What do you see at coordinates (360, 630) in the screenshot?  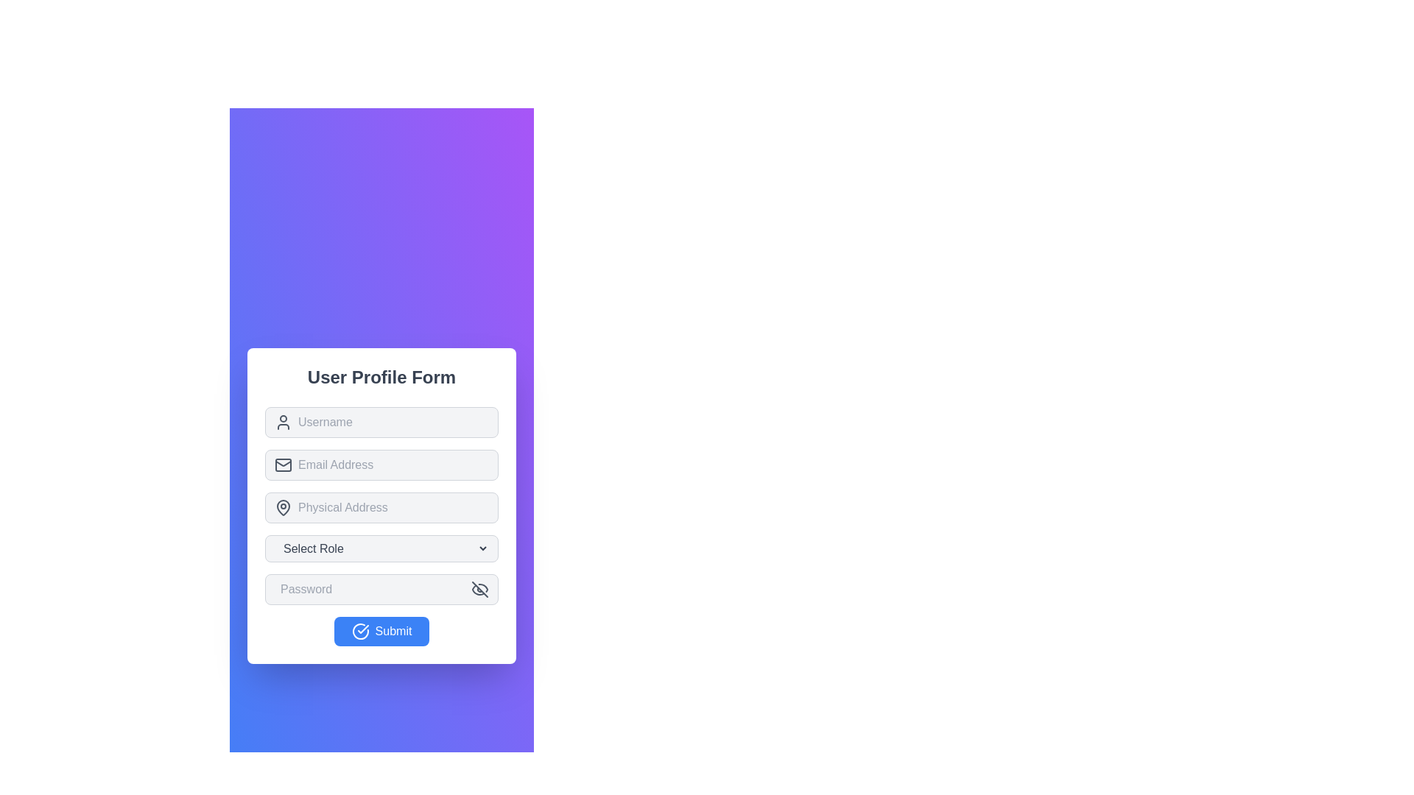 I see `the success icon embedded within the 'Submit' button located at the bottom of the user profile form` at bounding box center [360, 630].